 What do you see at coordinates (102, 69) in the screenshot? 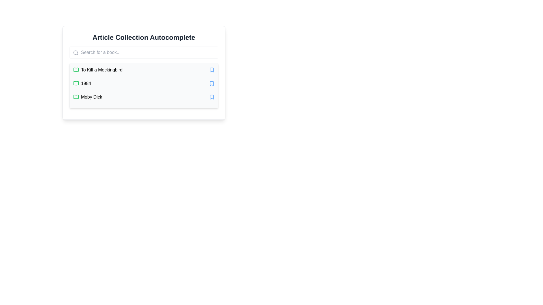
I see `the text link for 'To Kill a Mockingbird'` at bounding box center [102, 69].